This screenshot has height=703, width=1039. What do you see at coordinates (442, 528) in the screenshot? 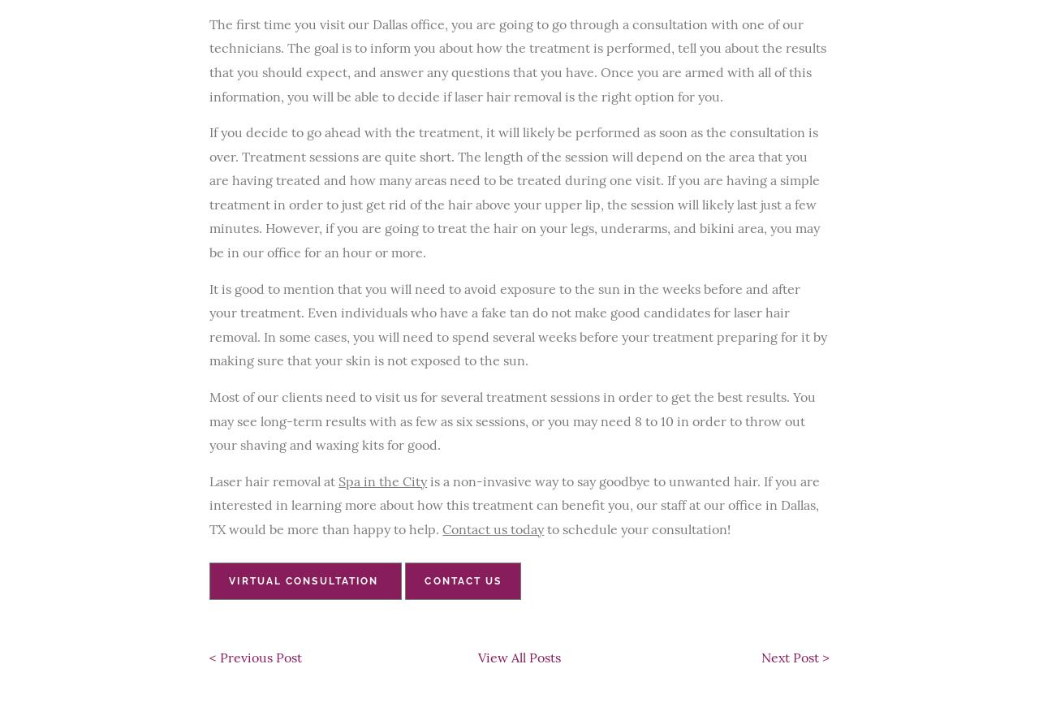
I see `'Contact us today'` at bounding box center [442, 528].